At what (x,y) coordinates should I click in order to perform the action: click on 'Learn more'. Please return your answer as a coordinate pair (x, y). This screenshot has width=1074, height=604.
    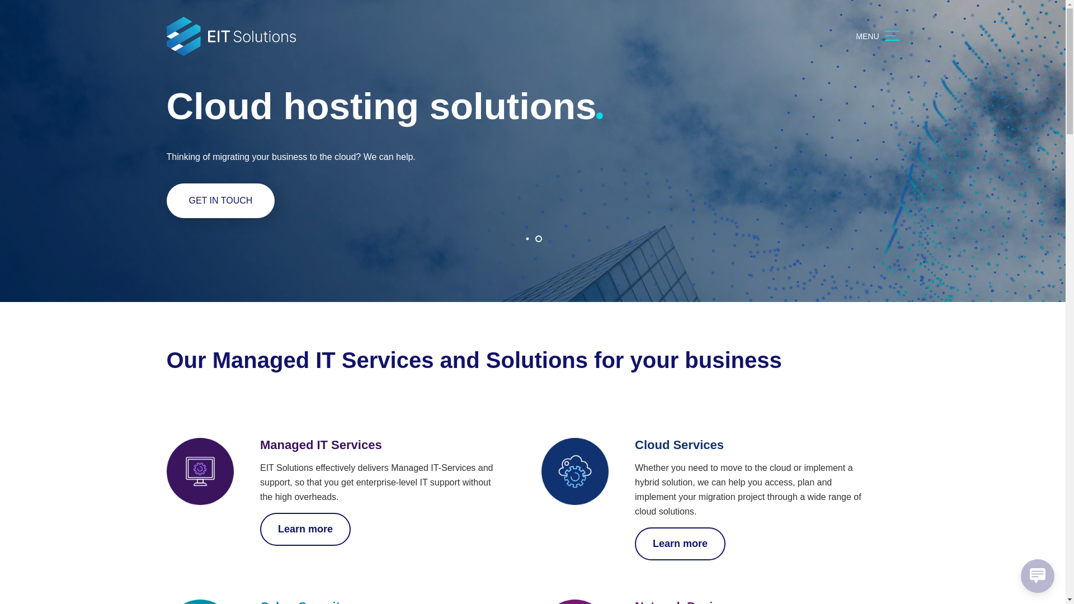
    Looking at the image, I should click on (305, 528).